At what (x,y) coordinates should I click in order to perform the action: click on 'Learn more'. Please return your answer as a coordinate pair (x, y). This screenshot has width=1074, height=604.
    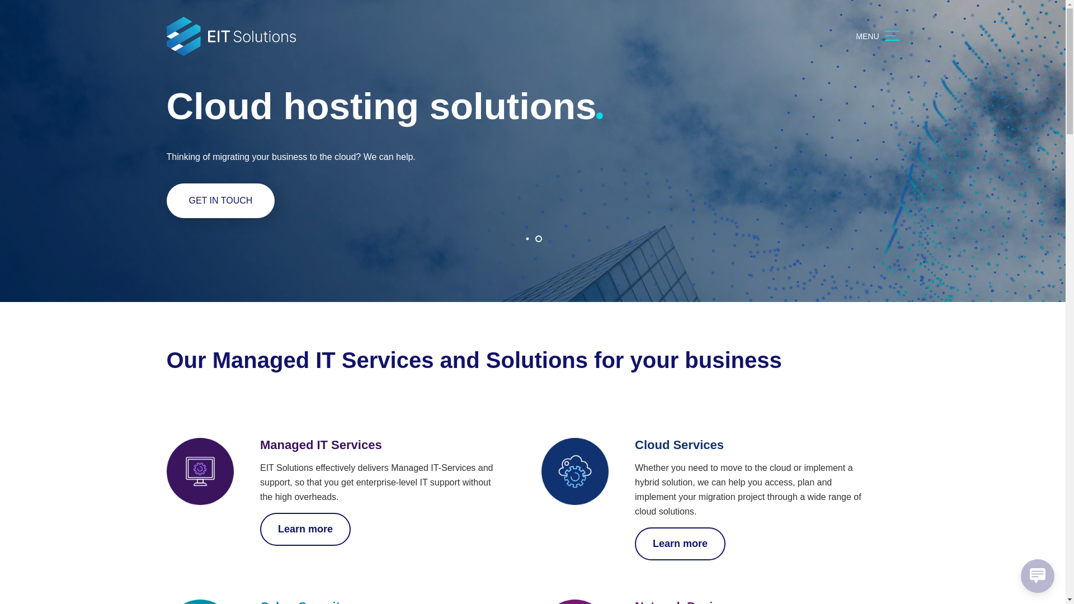
    Looking at the image, I should click on (305, 528).